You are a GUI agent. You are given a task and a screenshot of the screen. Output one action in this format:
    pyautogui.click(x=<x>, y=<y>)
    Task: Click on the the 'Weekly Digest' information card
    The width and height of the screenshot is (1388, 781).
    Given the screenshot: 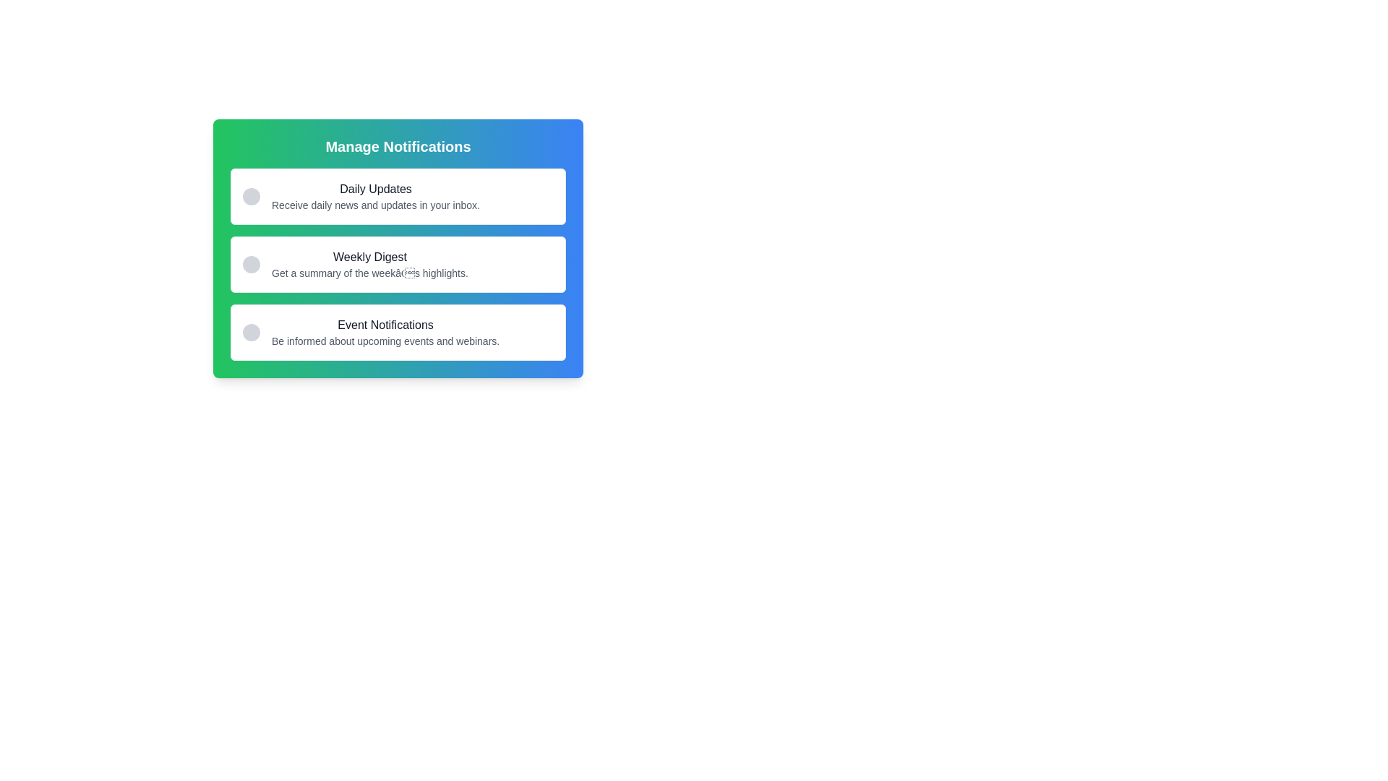 What is the action you would take?
    pyautogui.click(x=398, y=247)
    